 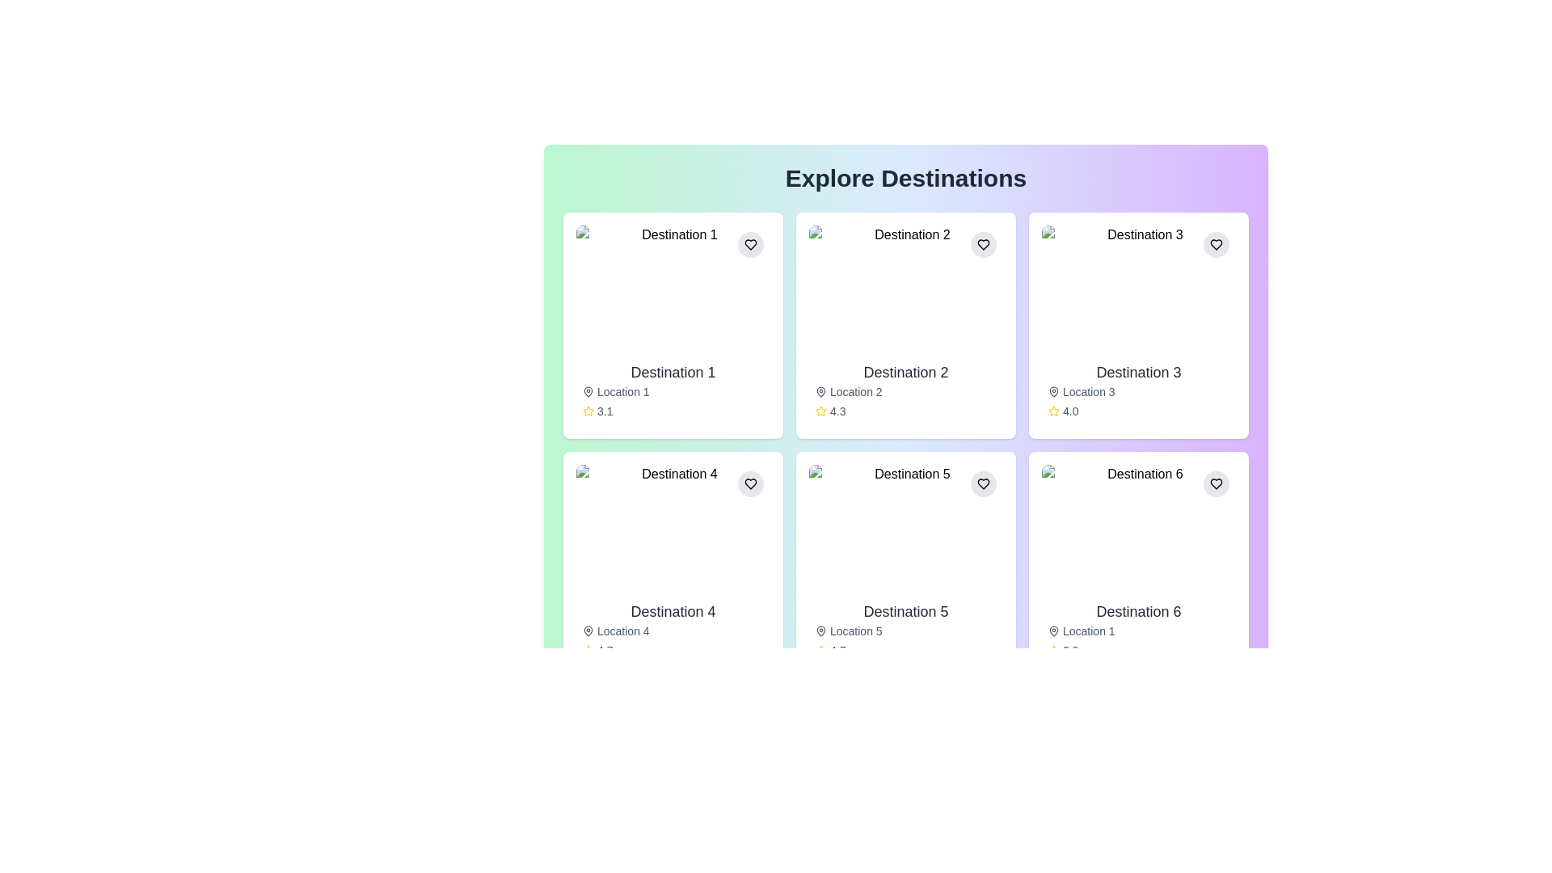 I want to click on the location marker icon adjacent to the text 'Location 4', so click(x=588, y=630).